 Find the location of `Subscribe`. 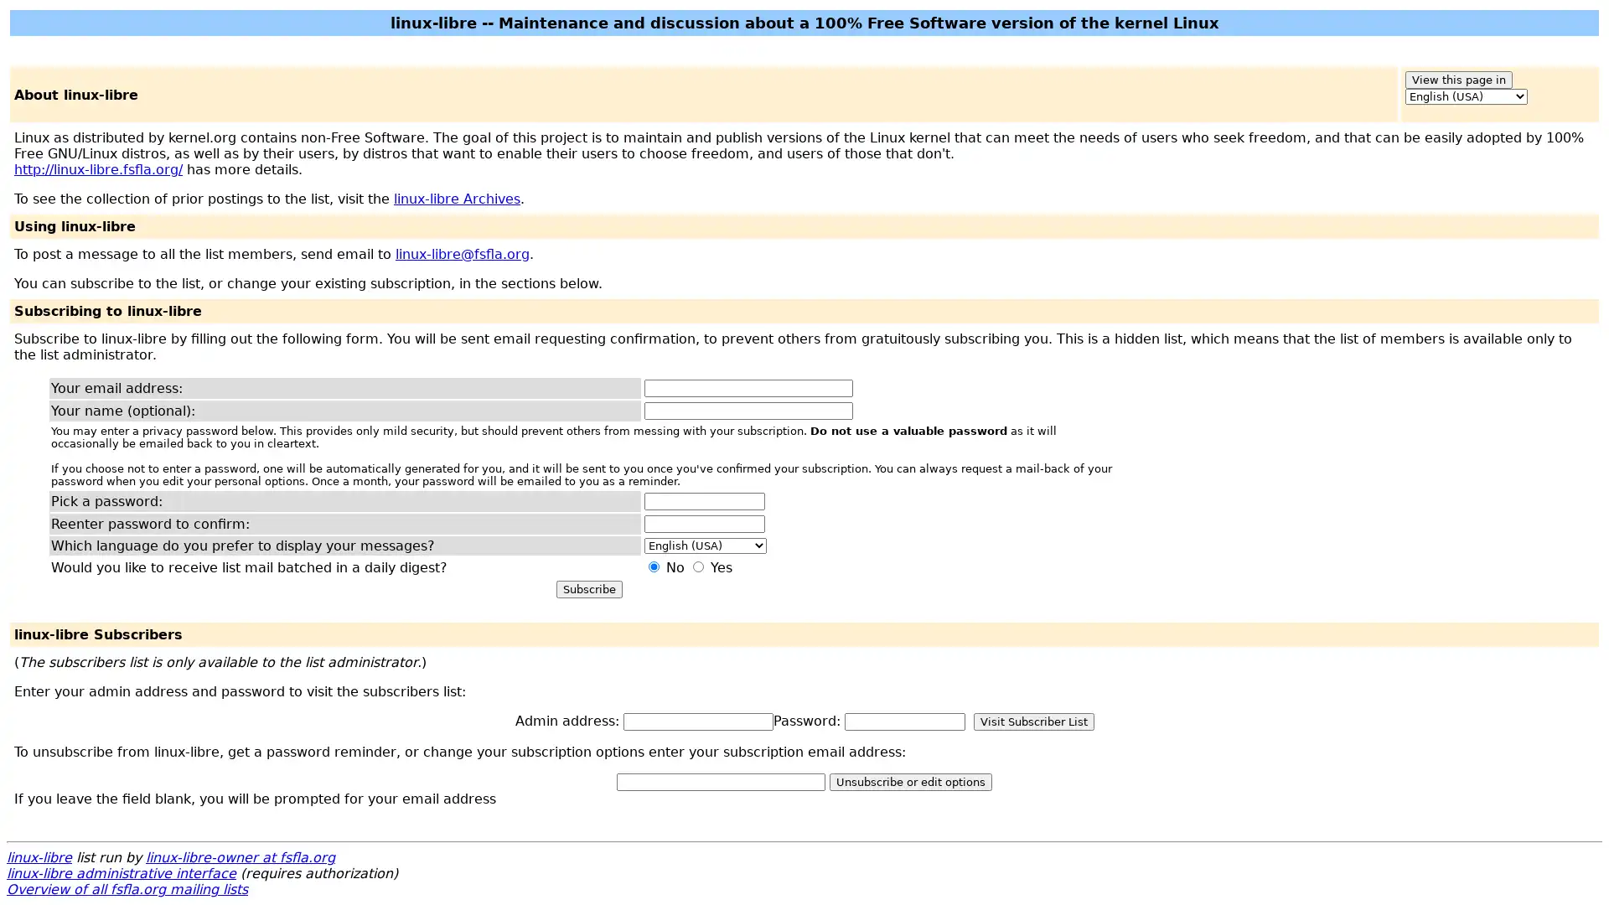

Subscribe is located at coordinates (588, 588).